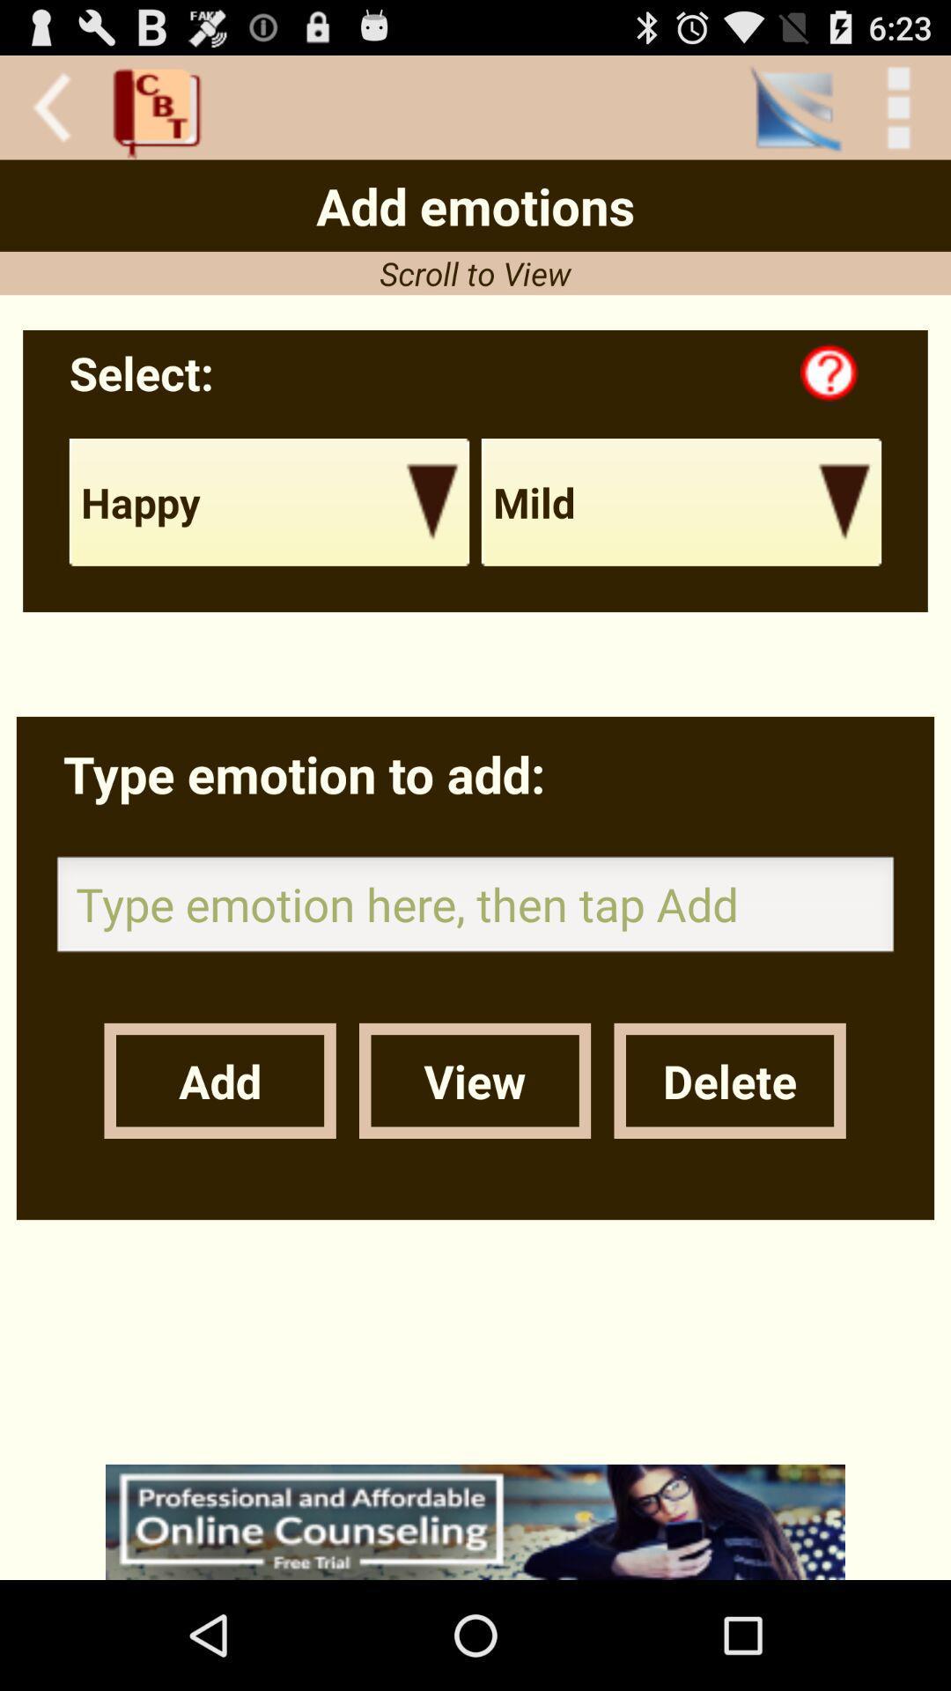  I want to click on this is an advertisement, so click(475, 1521).